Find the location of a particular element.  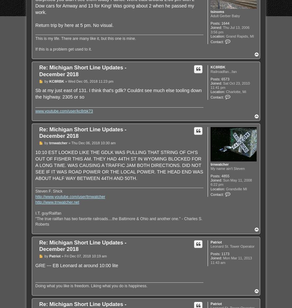

'Thu Dec 06, 2018 10:30 am' is located at coordinates (71, 142).